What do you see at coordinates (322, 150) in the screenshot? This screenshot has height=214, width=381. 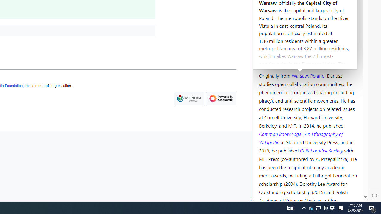 I see `'Collaborative Society '` at bounding box center [322, 150].